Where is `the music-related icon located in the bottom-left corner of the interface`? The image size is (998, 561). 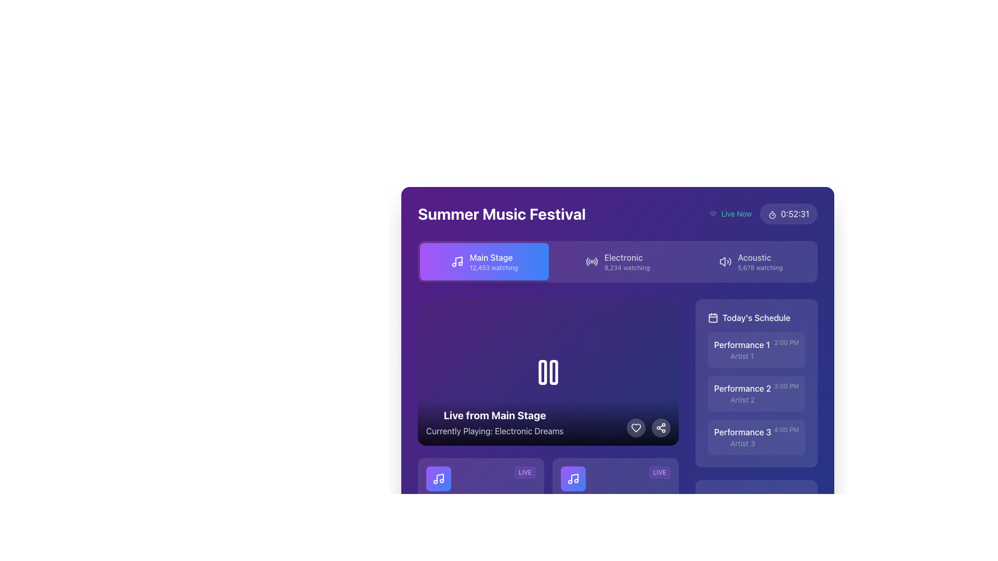 the music-related icon located in the bottom-left corner of the interface is located at coordinates (573, 478).